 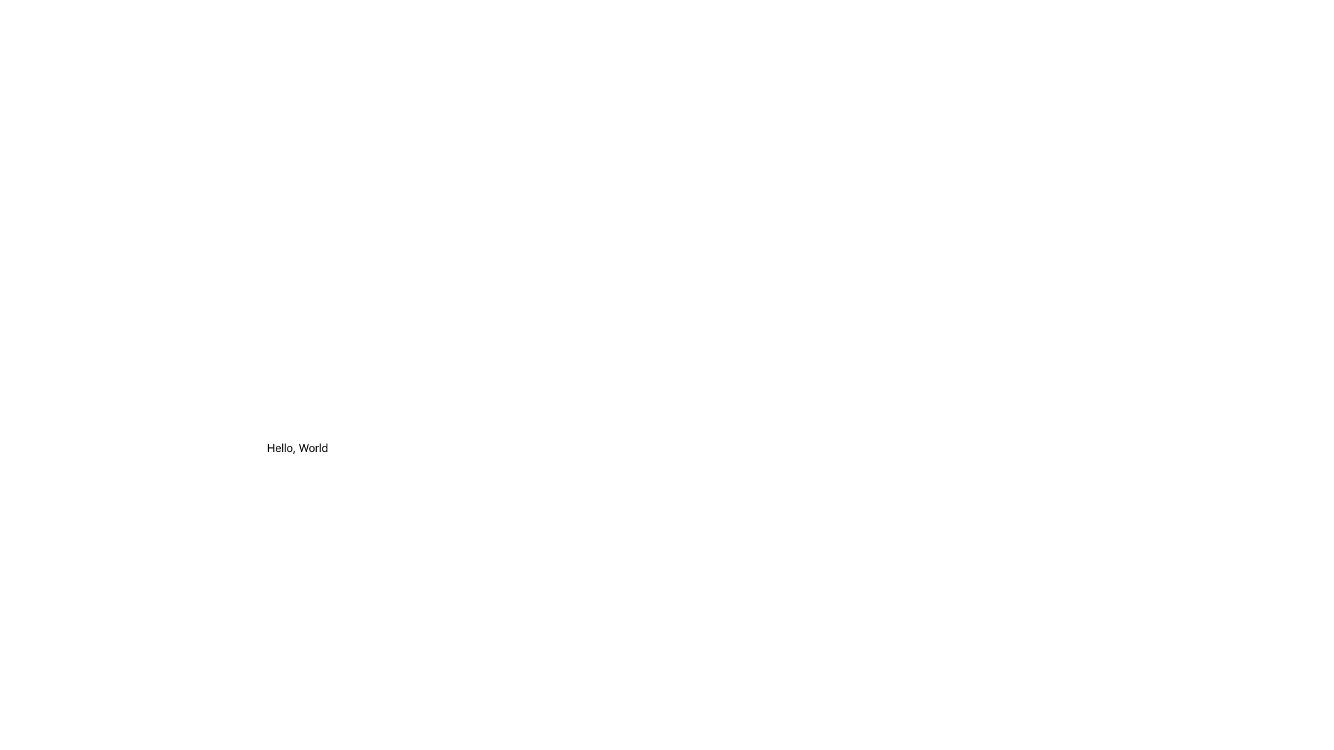 What do you see at coordinates (297, 447) in the screenshot?
I see `the text element displaying 'Hello, World' which is a static label presented on a white background` at bounding box center [297, 447].